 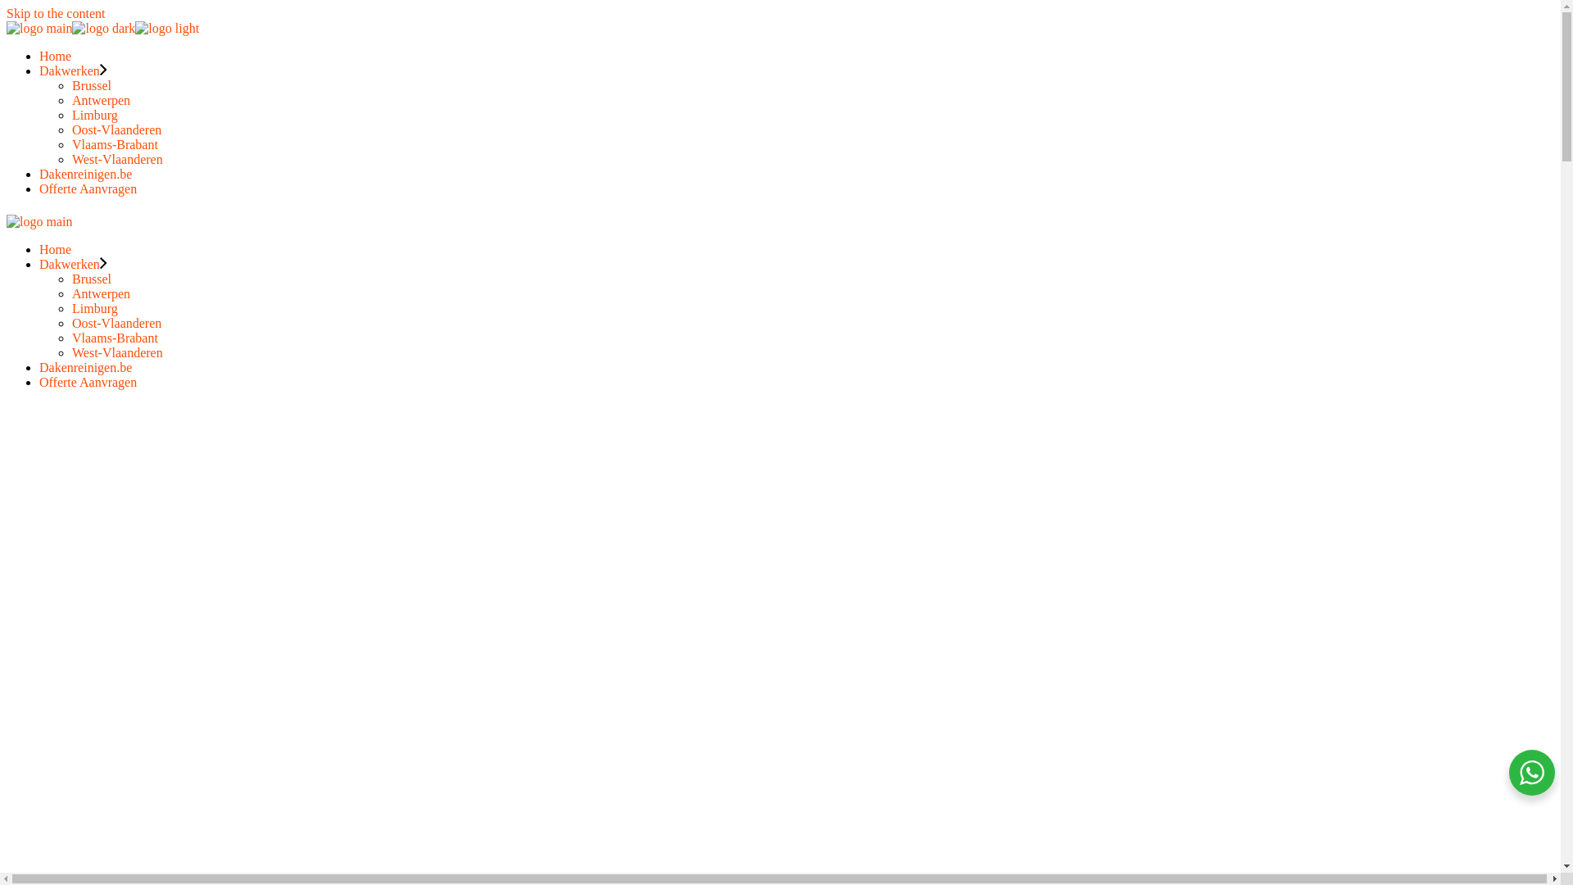 What do you see at coordinates (84, 366) in the screenshot?
I see `'Dakenreinigen.be'` at bounding box center [84, 366].